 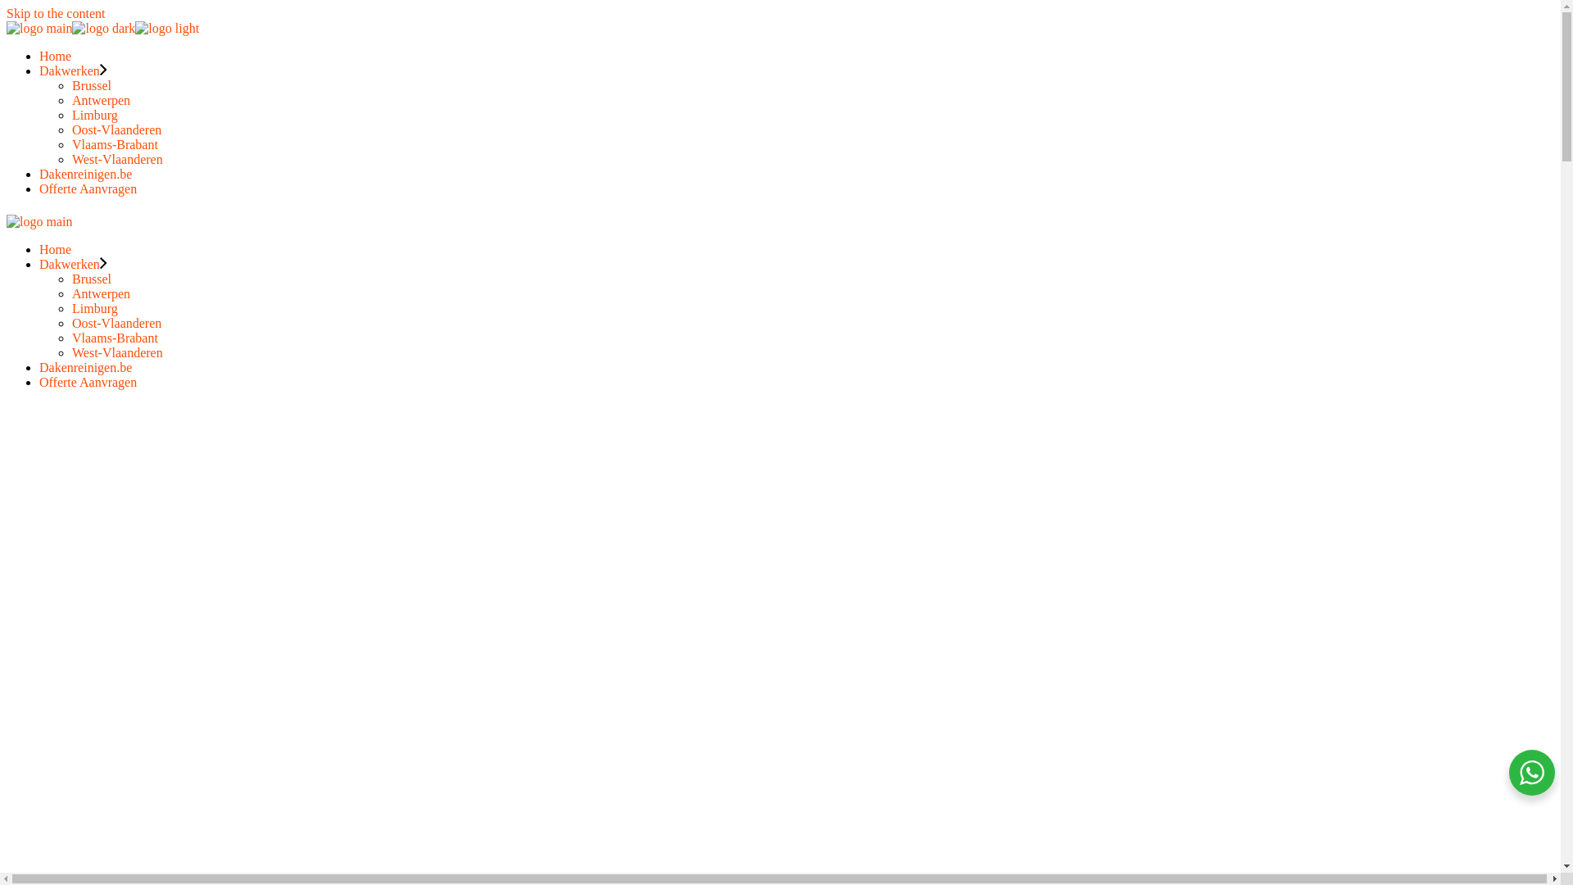 What do you see at coordinates (84, 366) in the screenshot?
I see `'Dakenreinigen.be'` at bounding box center [84, 366].